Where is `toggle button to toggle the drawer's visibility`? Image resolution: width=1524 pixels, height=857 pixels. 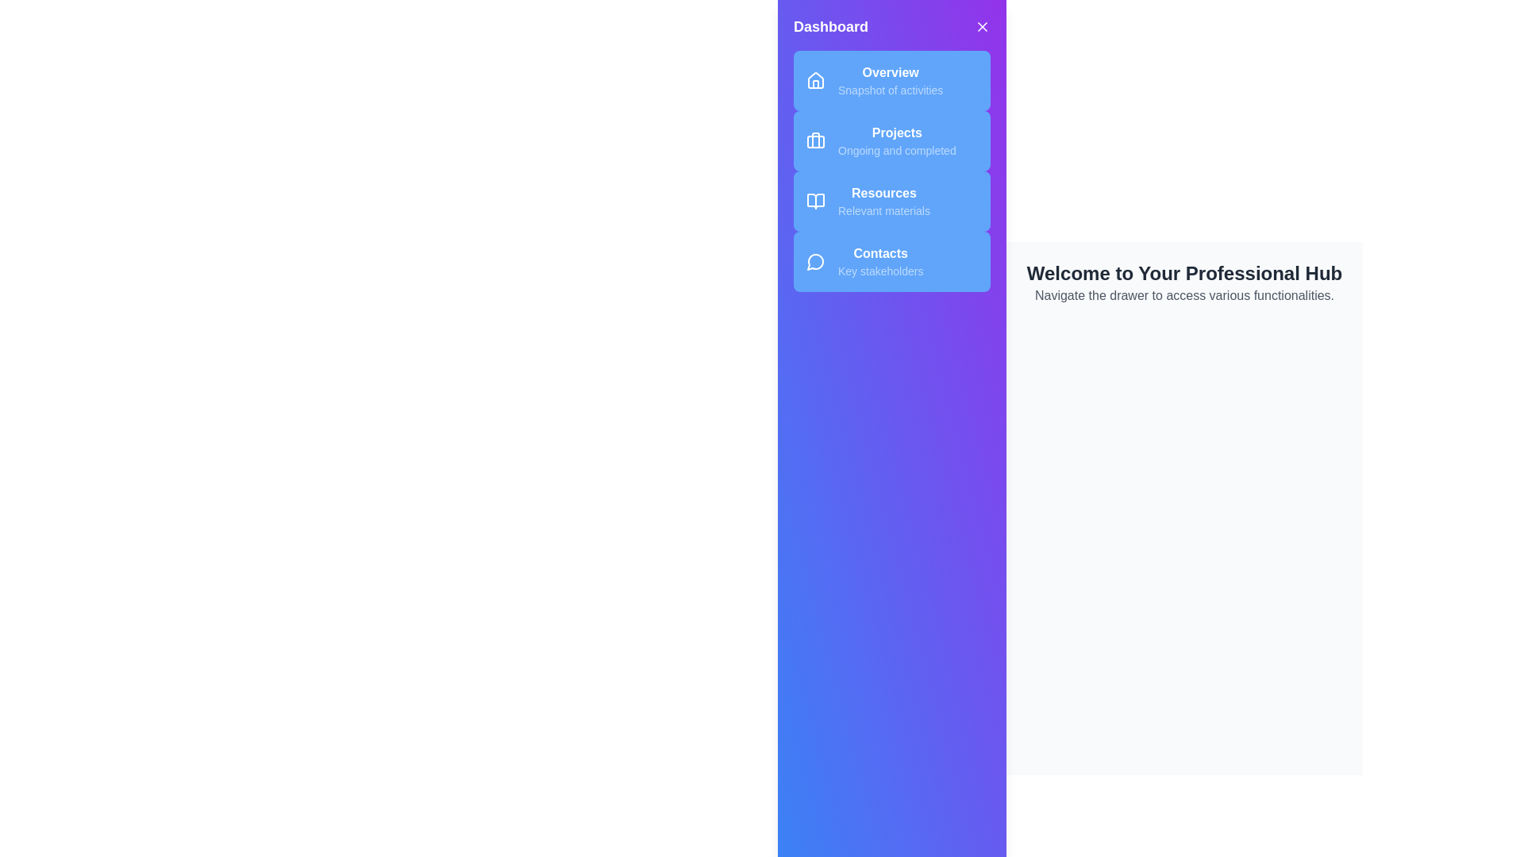
toggle button to toggle the drawer's visibility is located at coordinates (982, 27).